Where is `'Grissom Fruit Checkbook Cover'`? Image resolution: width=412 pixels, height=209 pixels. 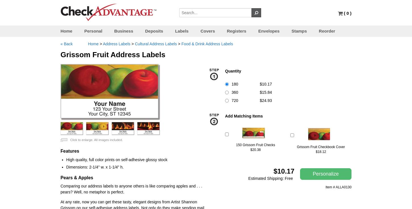 'Grissom Fruit Checkbook Cover' is located at coordinates (320, 146).